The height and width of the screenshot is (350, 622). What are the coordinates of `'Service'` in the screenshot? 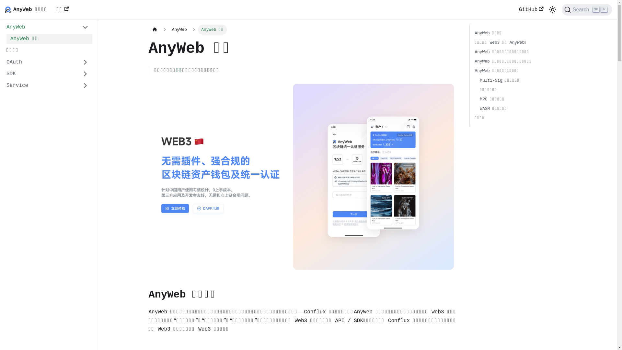 It's located at (47, 85).